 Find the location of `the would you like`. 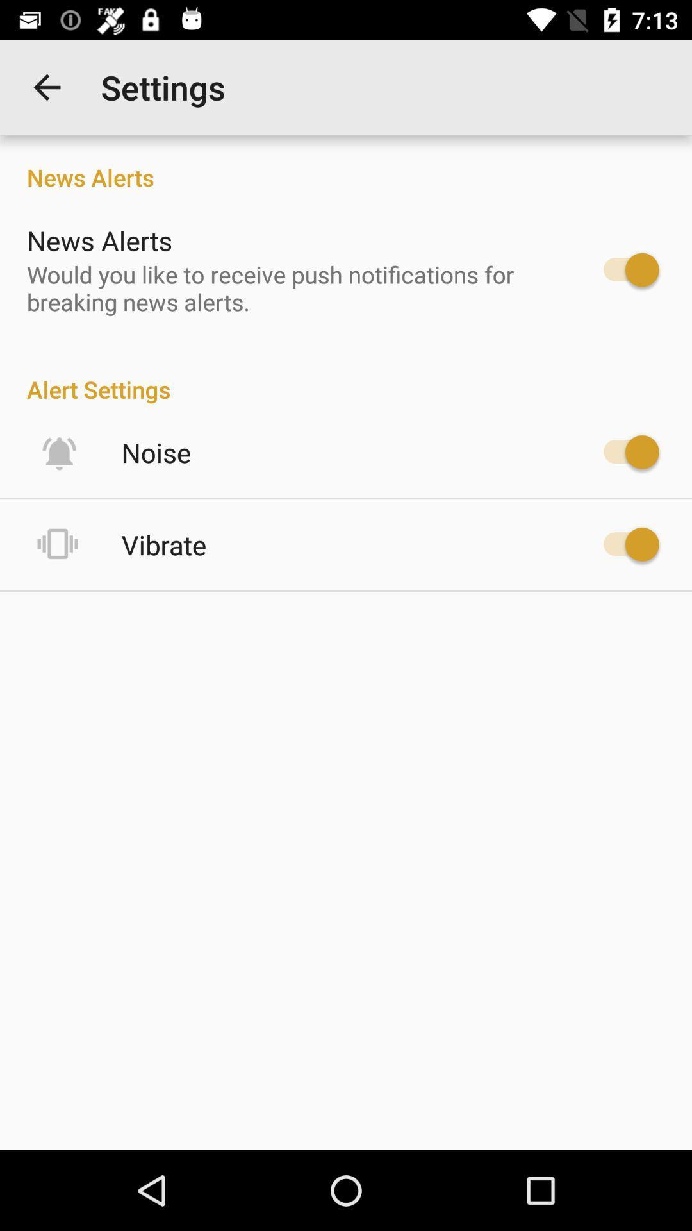

the would you like is located at coordinates (292, 287).